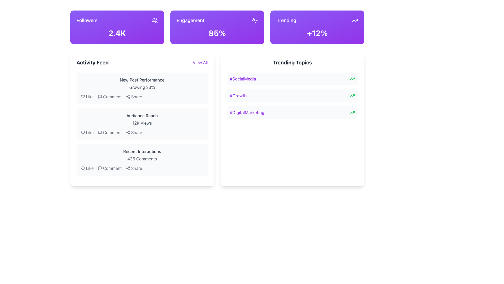 The height and width of the screenshot is (284, 504). I want to click on the upward trend icon located in the center-right of the 'Trending' purple card, which indicates a 12% increase, so click(355, 20).